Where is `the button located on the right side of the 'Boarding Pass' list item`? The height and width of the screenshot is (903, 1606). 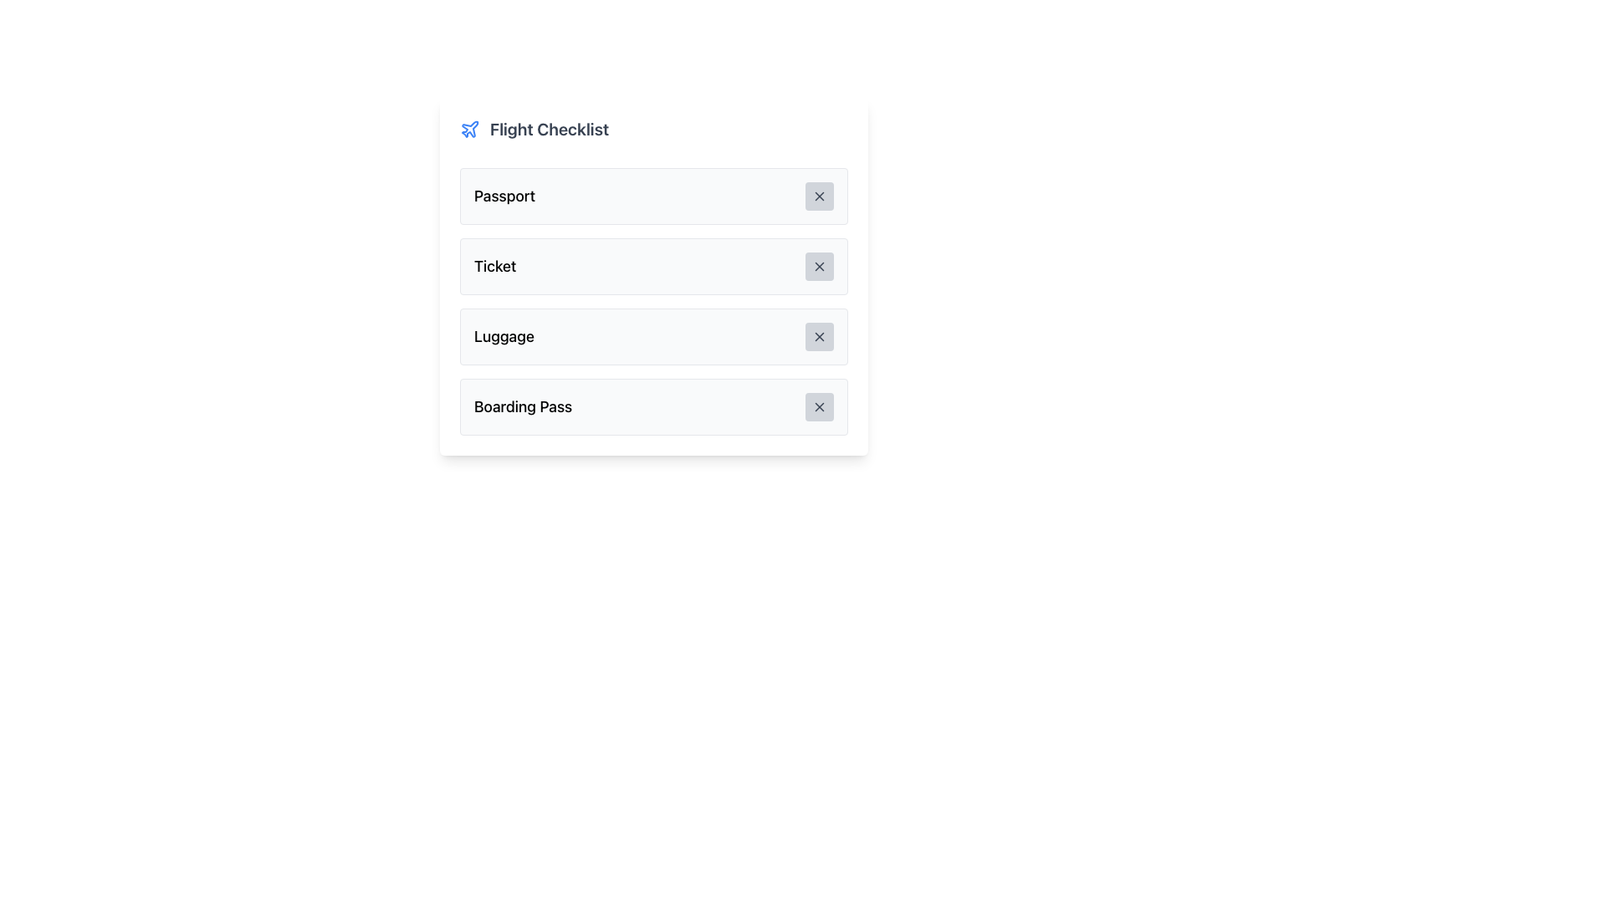
the button located on the right side of the 'Boarding Pass' list item is located at coordinates (819, 406).